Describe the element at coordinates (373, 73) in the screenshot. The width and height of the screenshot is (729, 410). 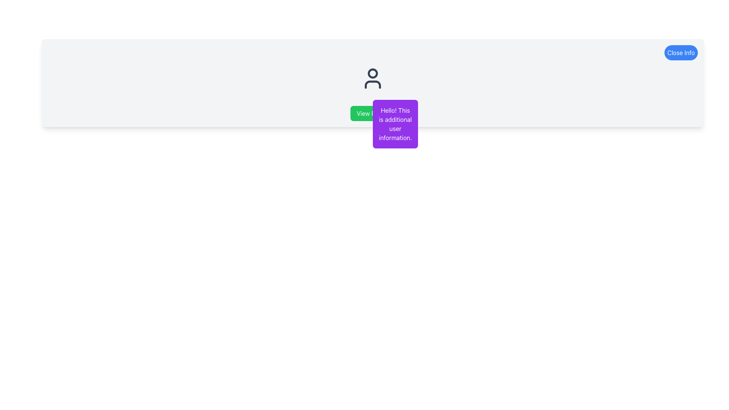
I see `the decorative circular graphical element that is centrally placed within the user icon's outline, positioned above the shoulders arc` at that location.